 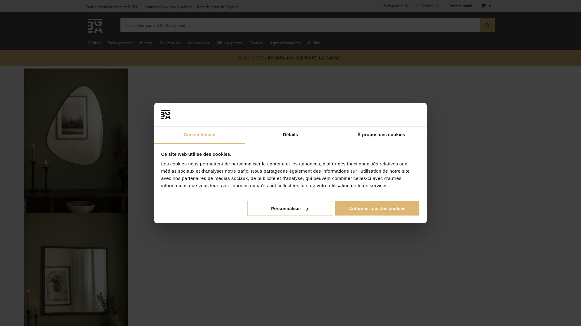 What do you see at coordinates (229, 42) in the screenshot?
I see `'Albums photo'` at bounding box center [229, 42].